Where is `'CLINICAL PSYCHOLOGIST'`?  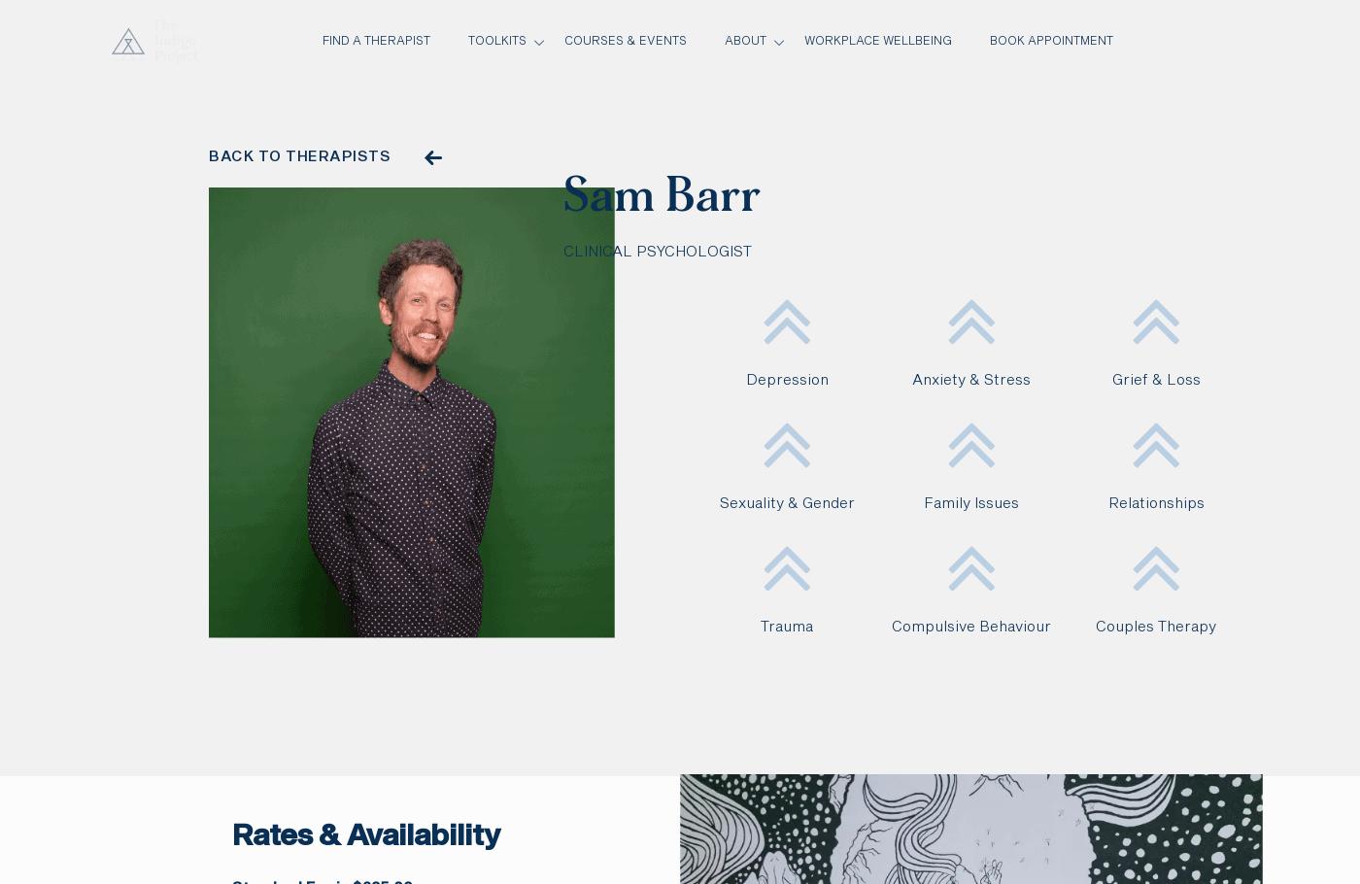
'CLINICAL PSYCHOLOGIST' is located at coordinates (658, 251).